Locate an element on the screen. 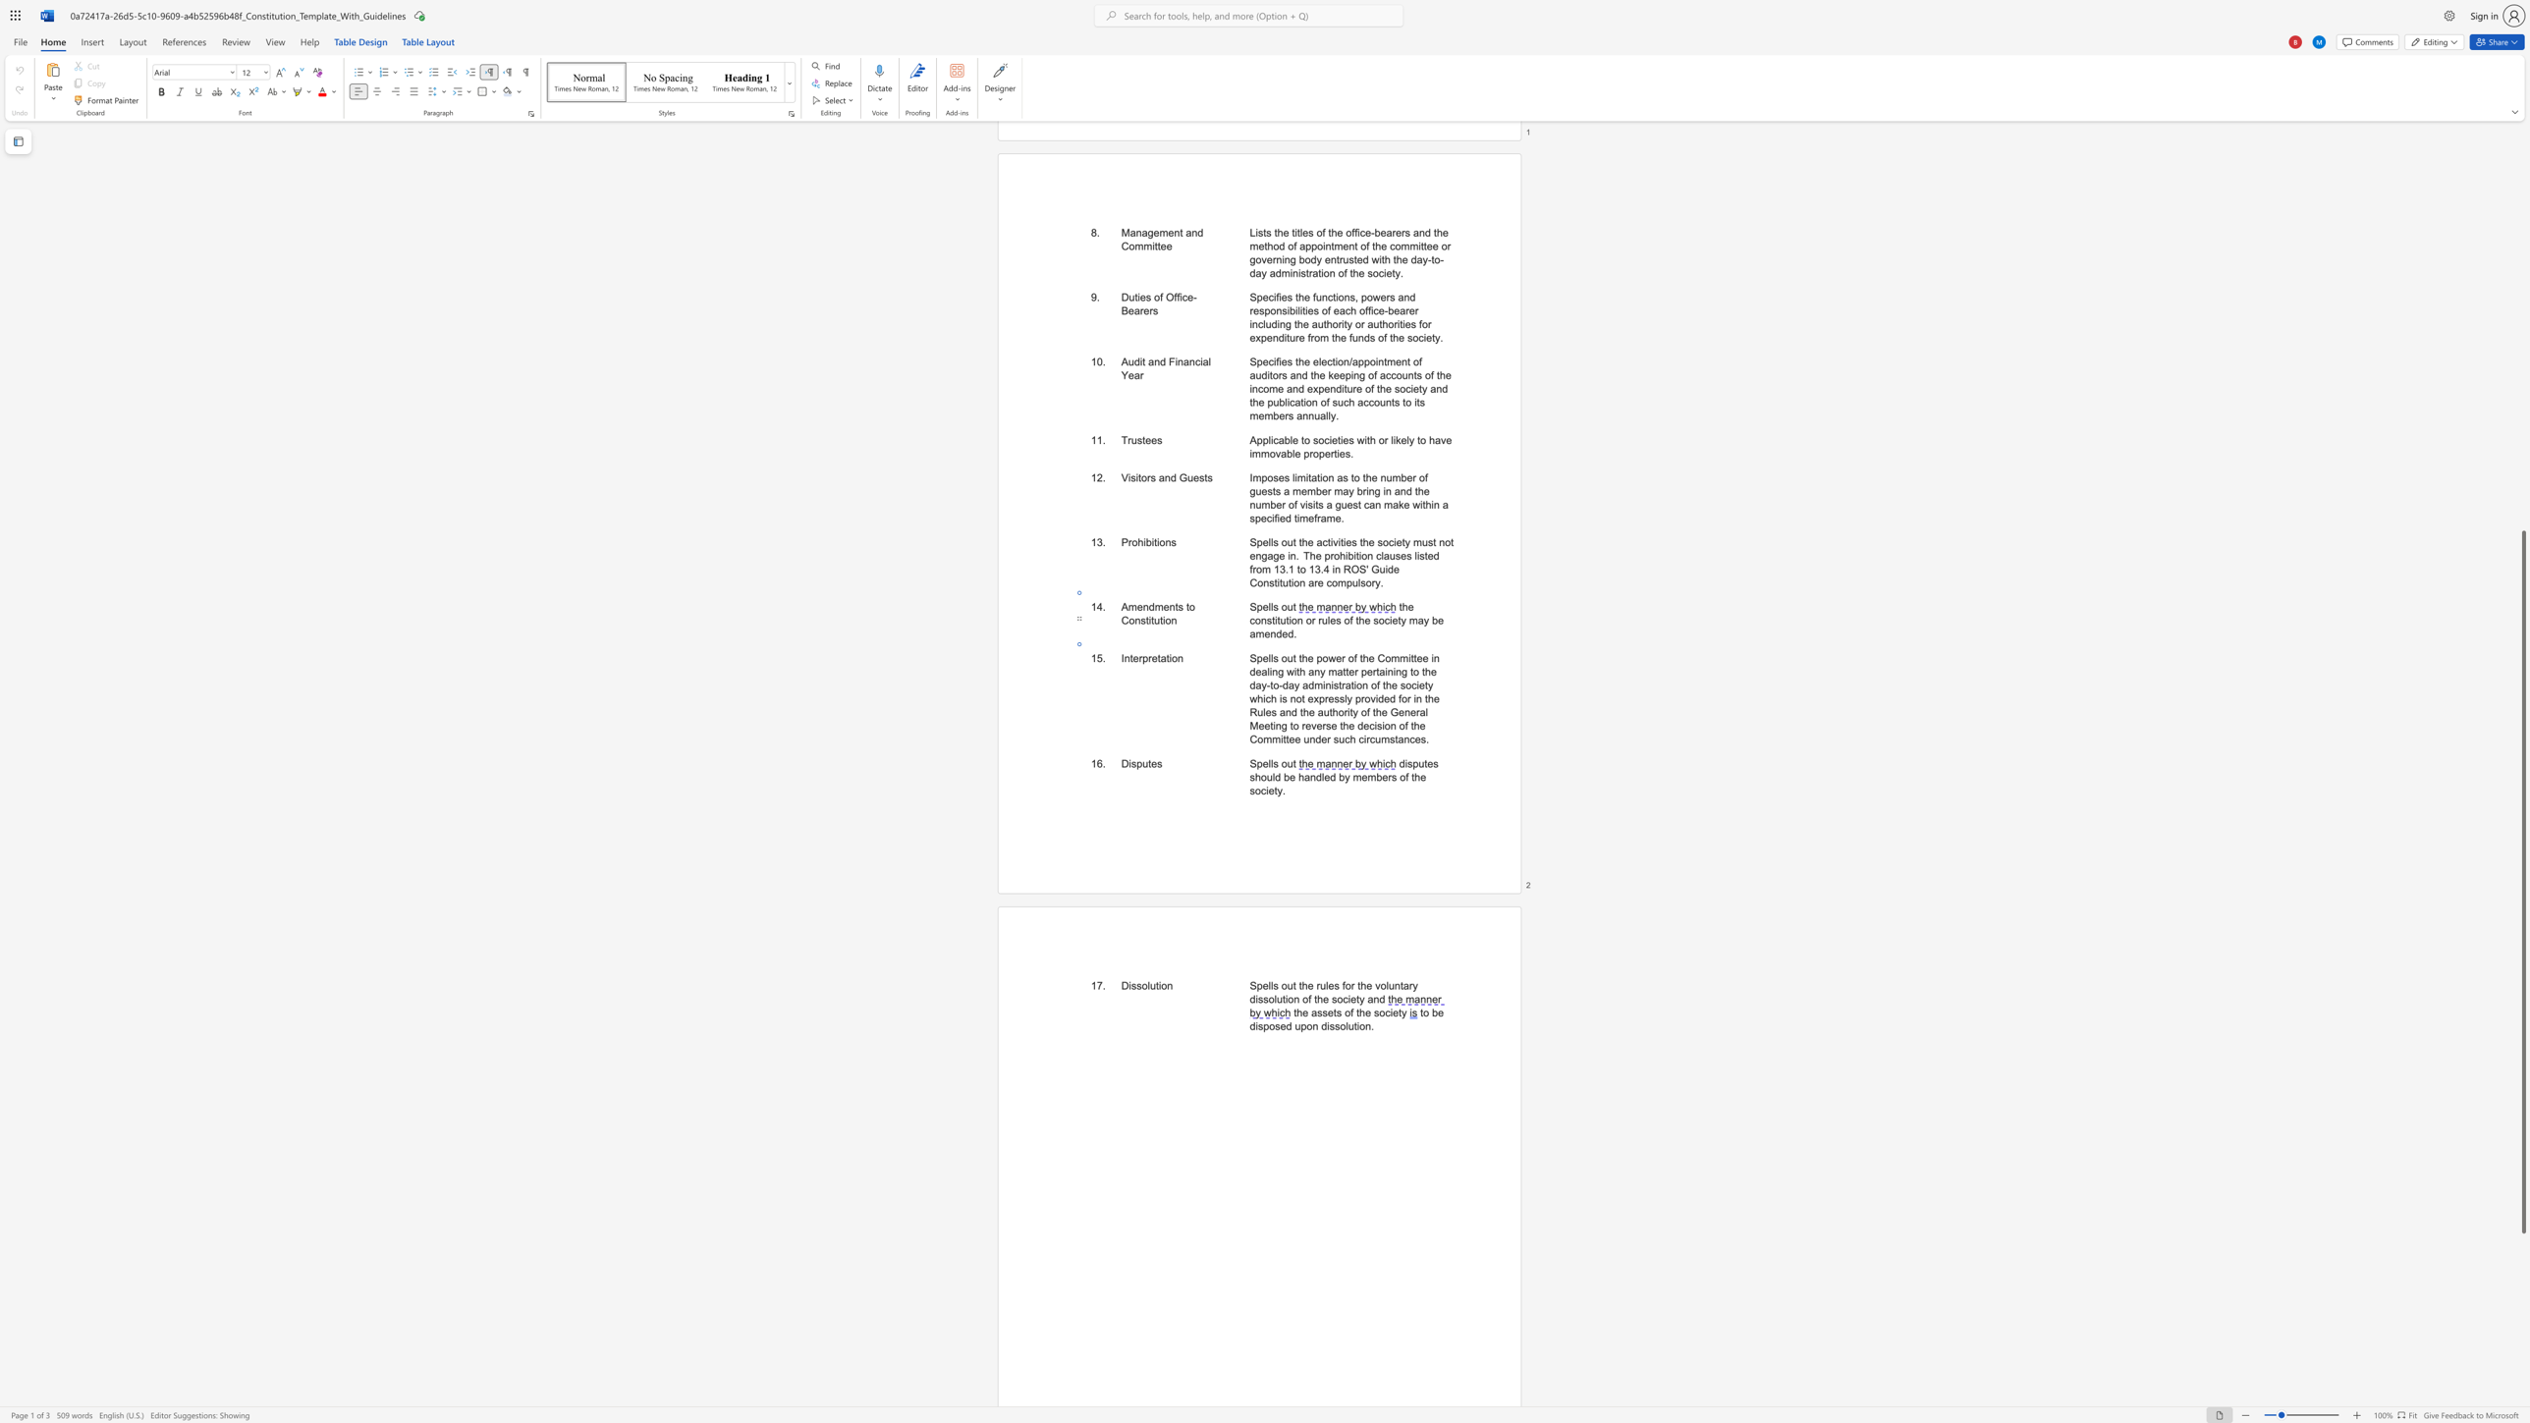 Image resolution: width=2530 pixels, height=1423 pixels. the 1th character "e" in the text is located at coordinates (1304, 1013).